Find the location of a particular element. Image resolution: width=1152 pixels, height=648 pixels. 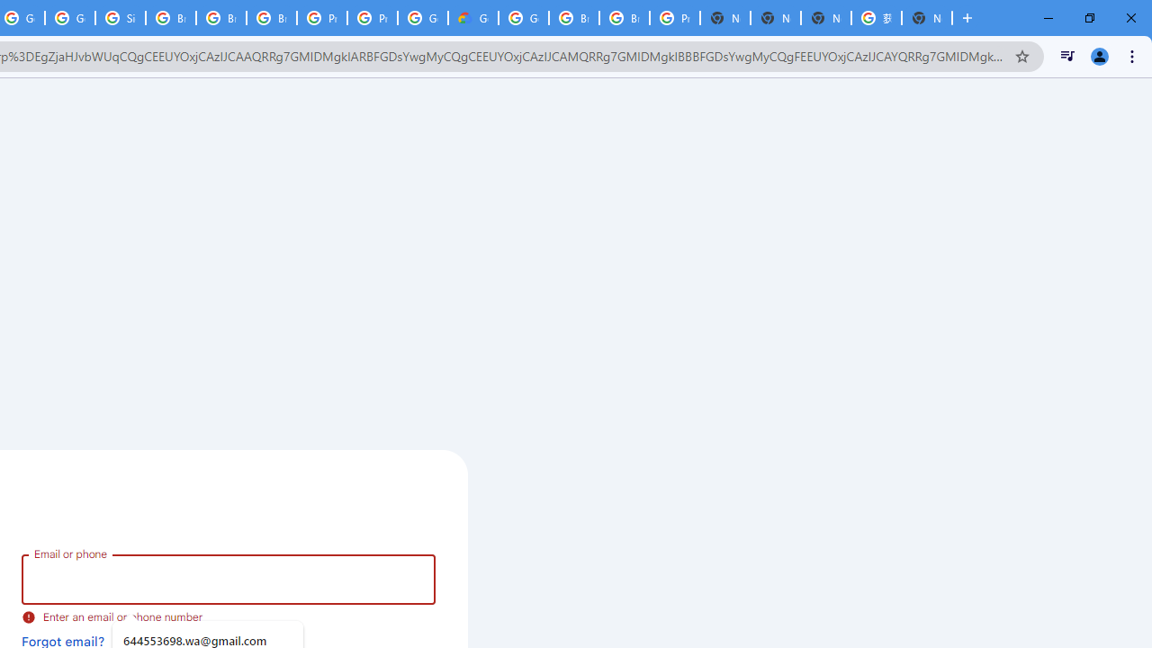

'Google Cloud Platform' is located at coordinates (523, 18).